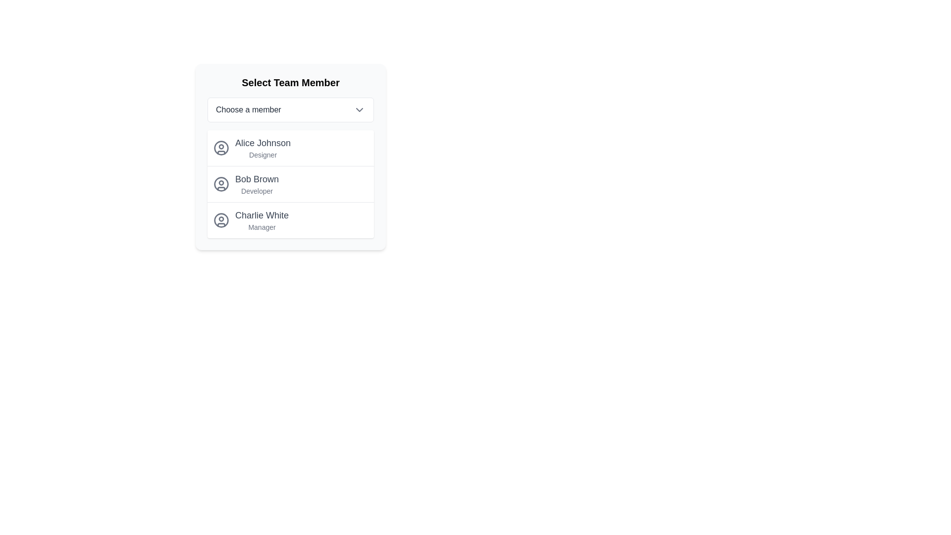 The width and height of the screenshot is (951, 535). What do you see at coordinates (262, 215) in the screenshot?
I see `the text label that reads 'Charlie White', which is styled in a large, bold font and is the third item in the list under 'Select Team Member'` at bounding box center [262, 215].